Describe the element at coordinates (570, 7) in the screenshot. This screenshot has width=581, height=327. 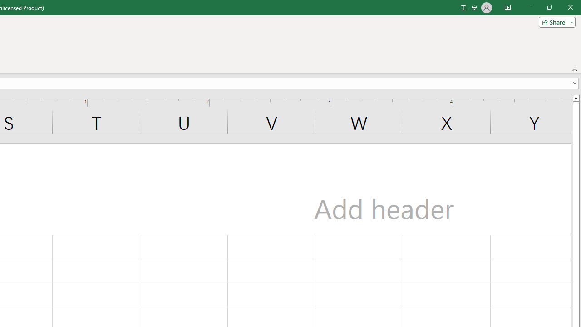
I see `'Close'` at that location.